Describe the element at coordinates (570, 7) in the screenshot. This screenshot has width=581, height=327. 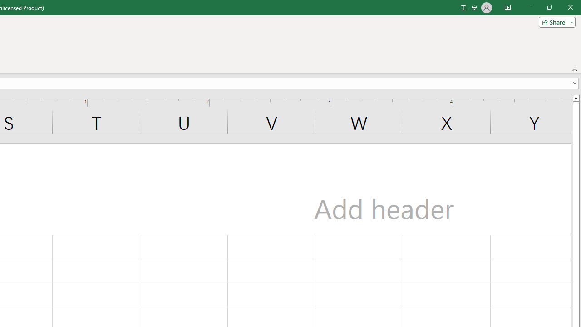
I see `'Close'` at that location.